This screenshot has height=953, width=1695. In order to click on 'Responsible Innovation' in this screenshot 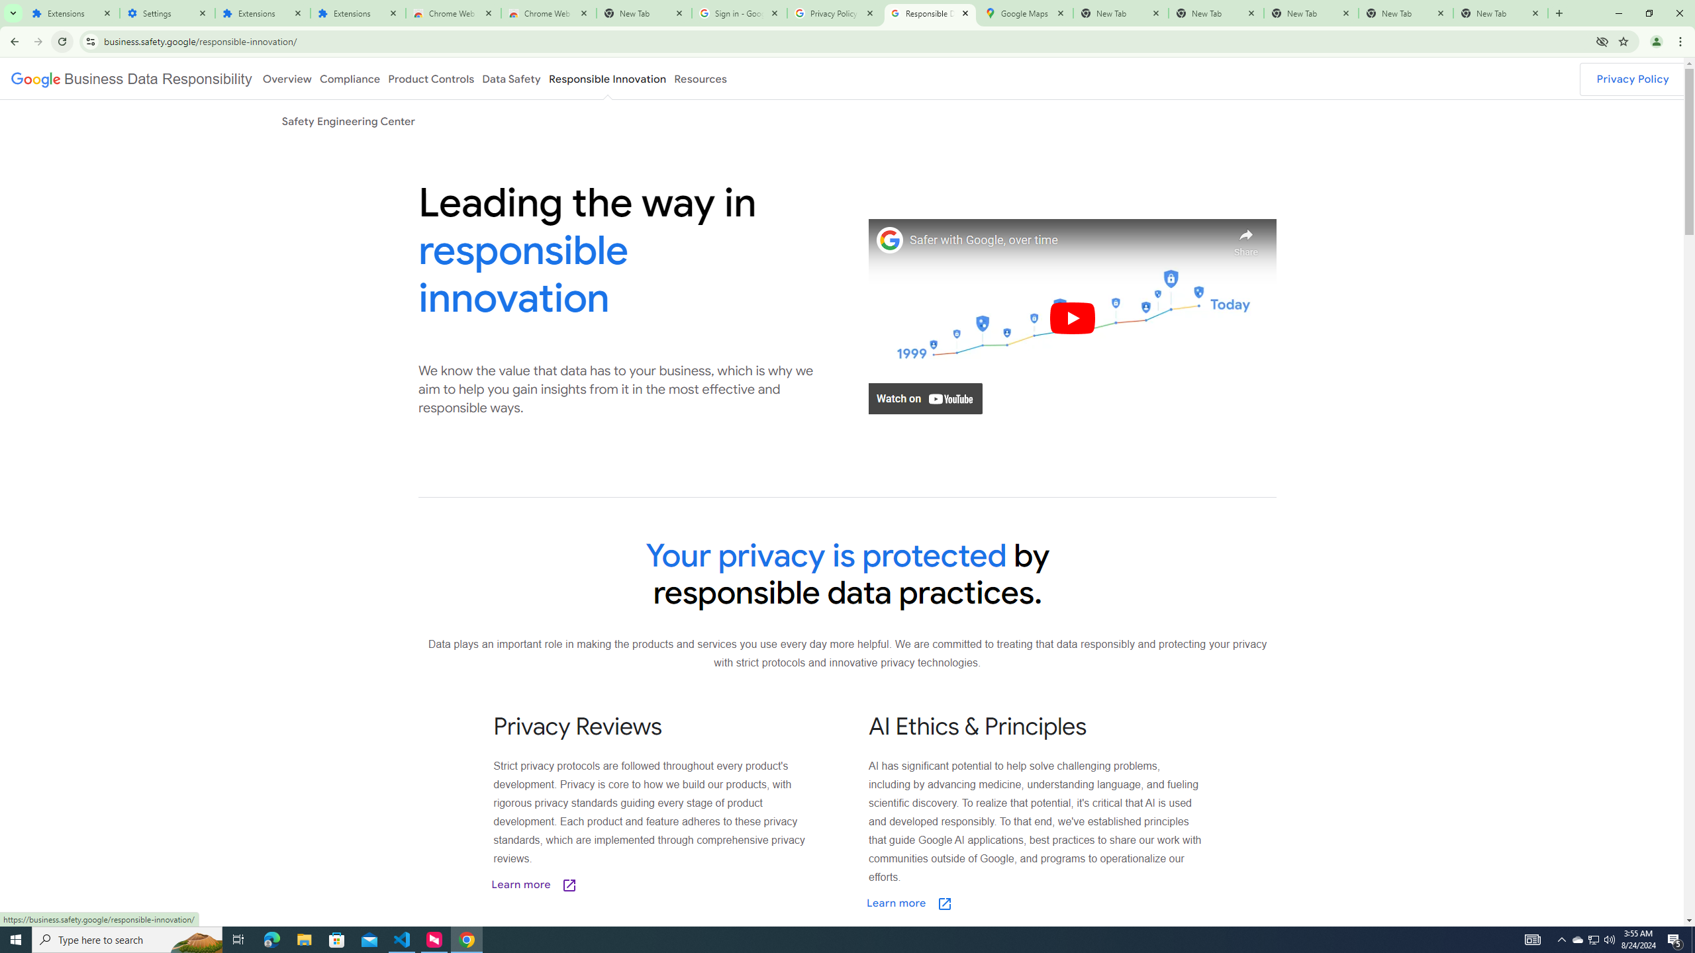, I will do `click(607, 78)`.